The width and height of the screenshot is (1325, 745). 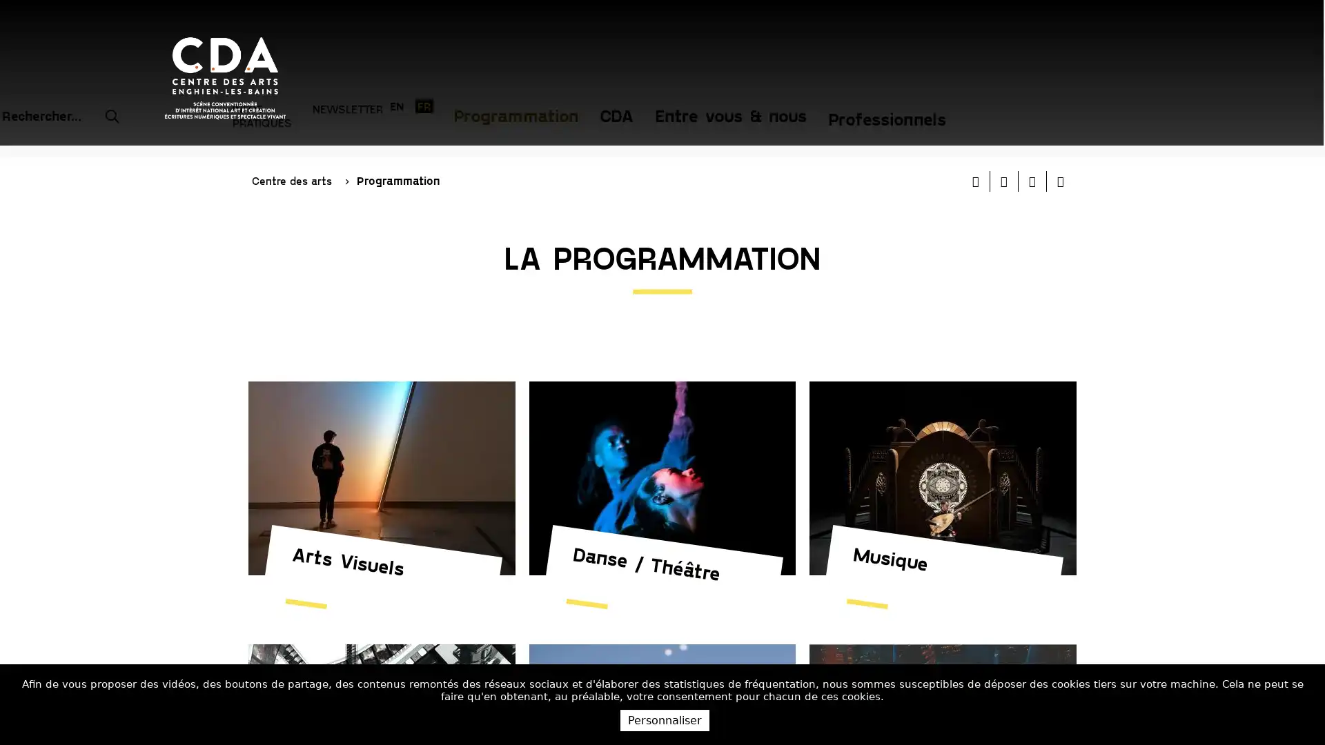 What do you see at coordinates (1059, 135) in the screenshot?
I see `Partager cette page` at bounding box center [1059, 135].